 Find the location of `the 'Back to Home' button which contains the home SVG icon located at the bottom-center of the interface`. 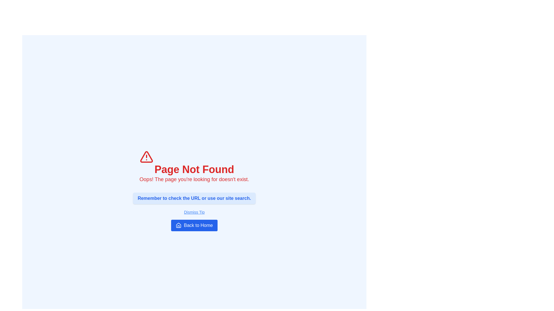

the 'Back to Home' button which contains the home SVG icon located at the bottom-center of the interface is located at coordinates (178, 225).